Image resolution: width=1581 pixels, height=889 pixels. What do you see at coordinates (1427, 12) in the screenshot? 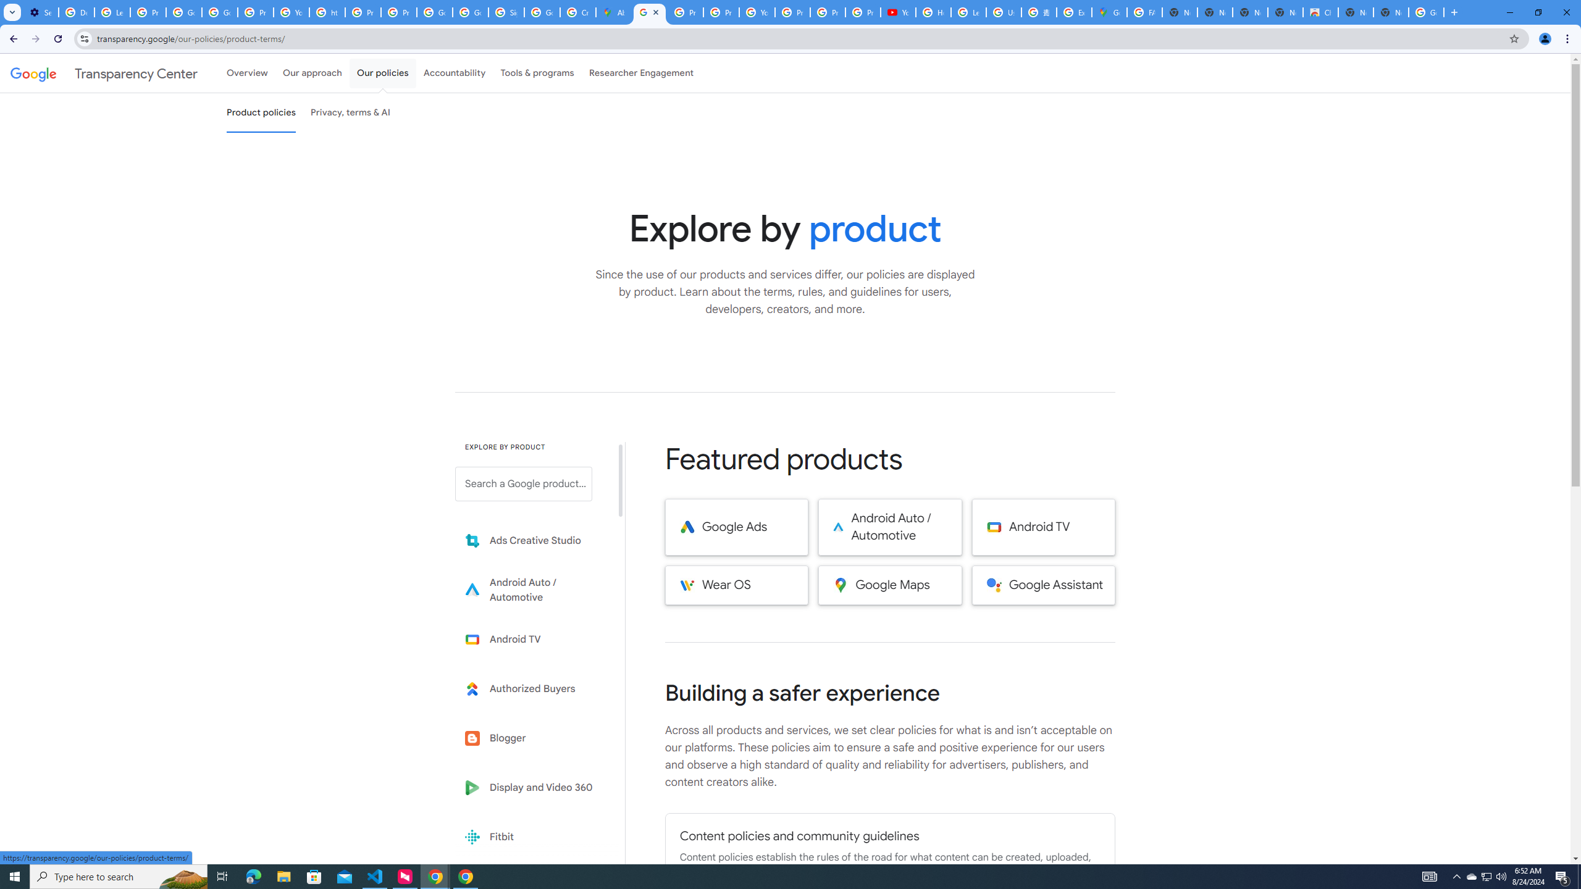
I see `'Google Images'` at bounding box center [1427, 12].